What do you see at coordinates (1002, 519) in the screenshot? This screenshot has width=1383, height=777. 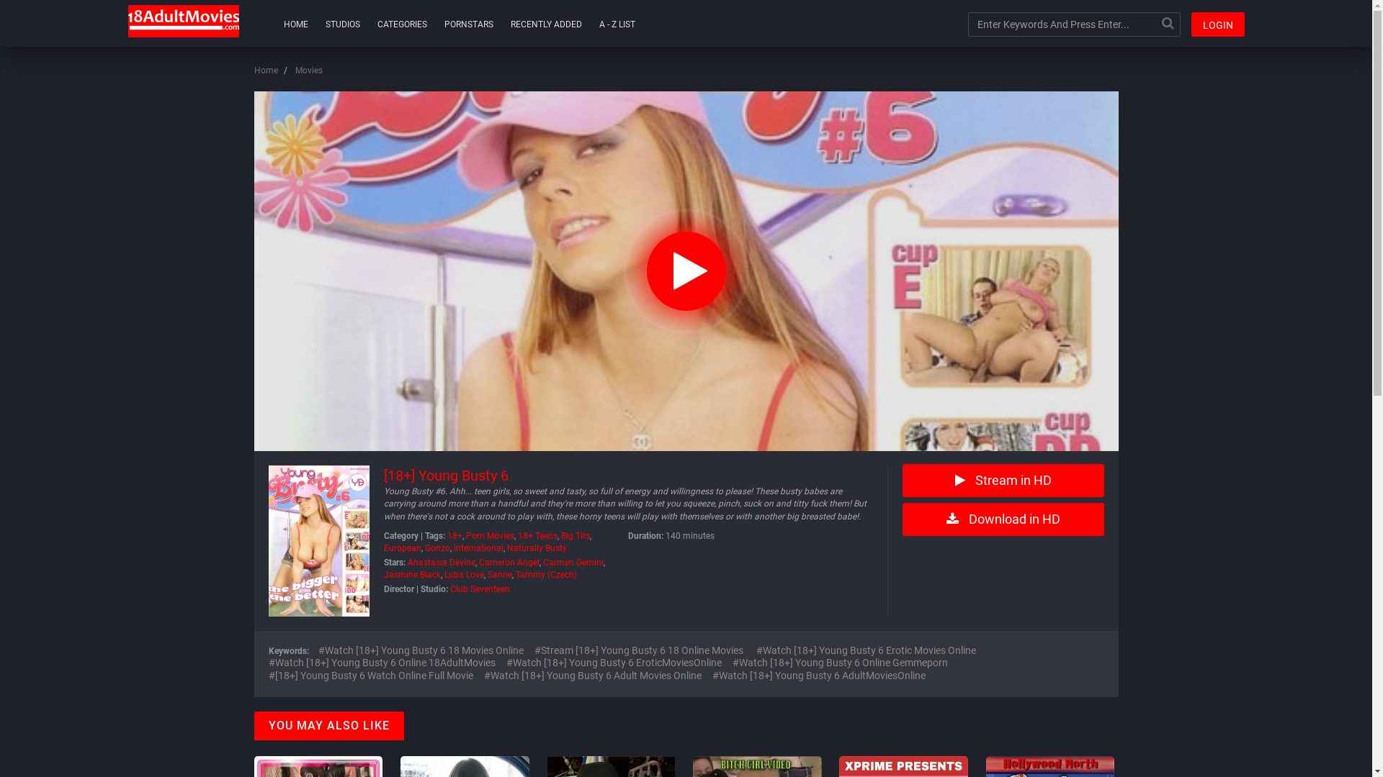 I see `'Download in HD'` at bounding box center [1002, 519].